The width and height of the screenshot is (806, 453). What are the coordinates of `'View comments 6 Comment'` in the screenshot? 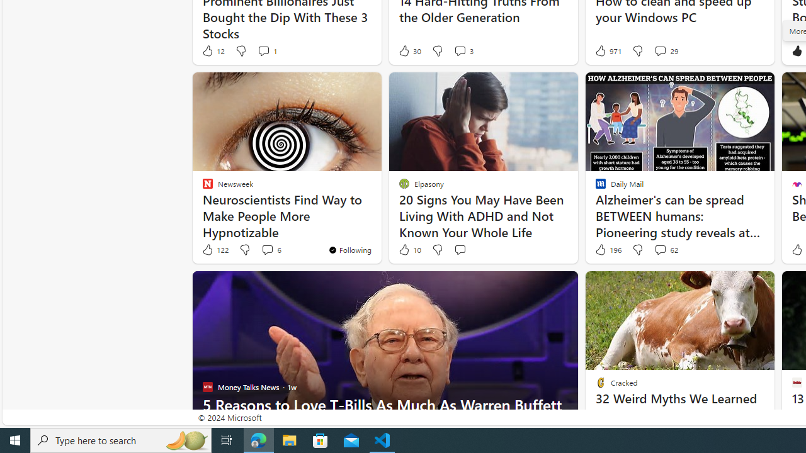 It's located at (270, 250).